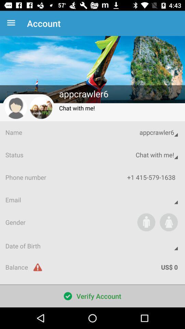  Describe the element at coordinates (146, 222) in the screenshot. I see `the icon above the date of birth app` at that location.